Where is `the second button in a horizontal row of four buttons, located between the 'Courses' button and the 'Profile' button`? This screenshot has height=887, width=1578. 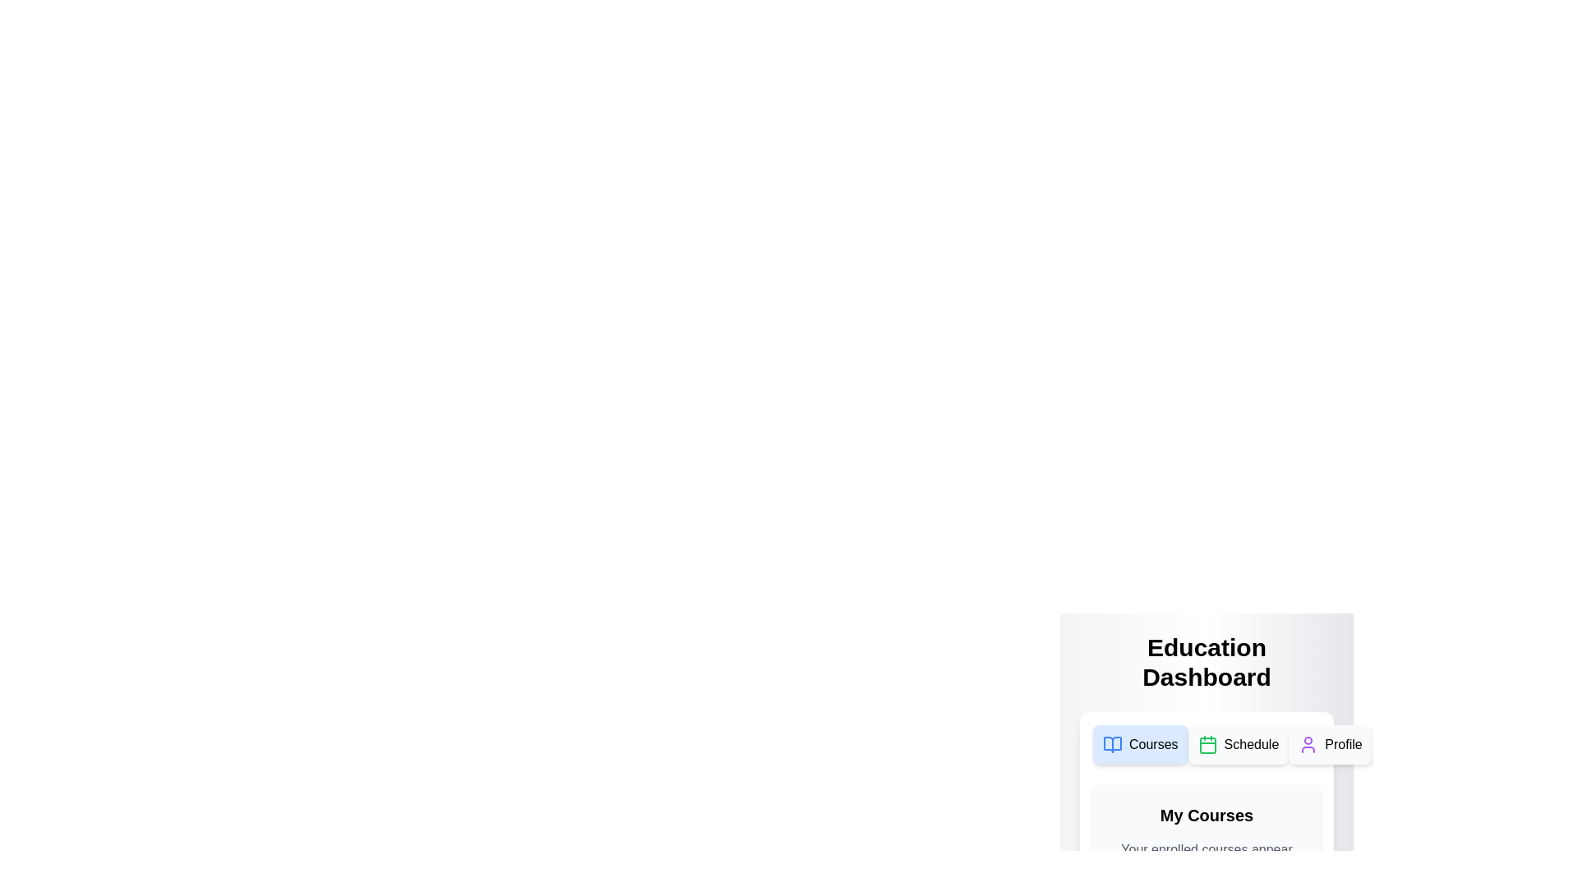
the second button in a horizontal row of four buttons, located between the 'Courses' button and the 'Profile' button is located at coordinates (1239, 744).